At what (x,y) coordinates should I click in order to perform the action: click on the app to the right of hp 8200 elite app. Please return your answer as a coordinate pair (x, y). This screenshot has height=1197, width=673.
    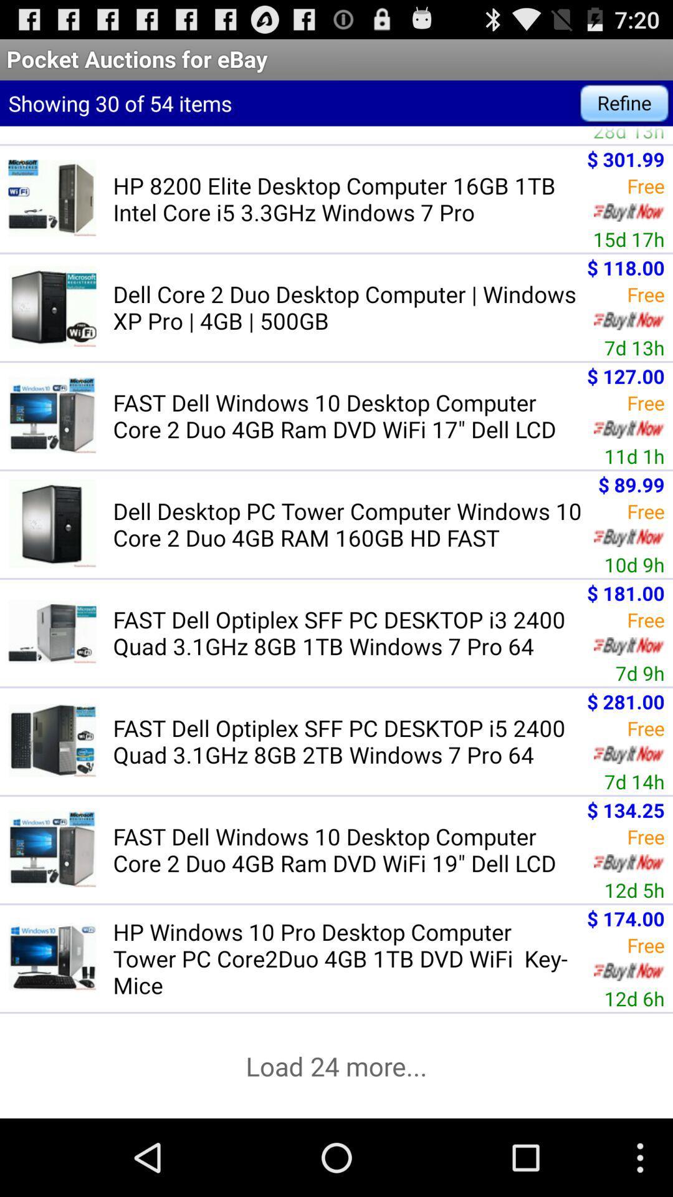
    Looking at the image, I should click on (629, 239).